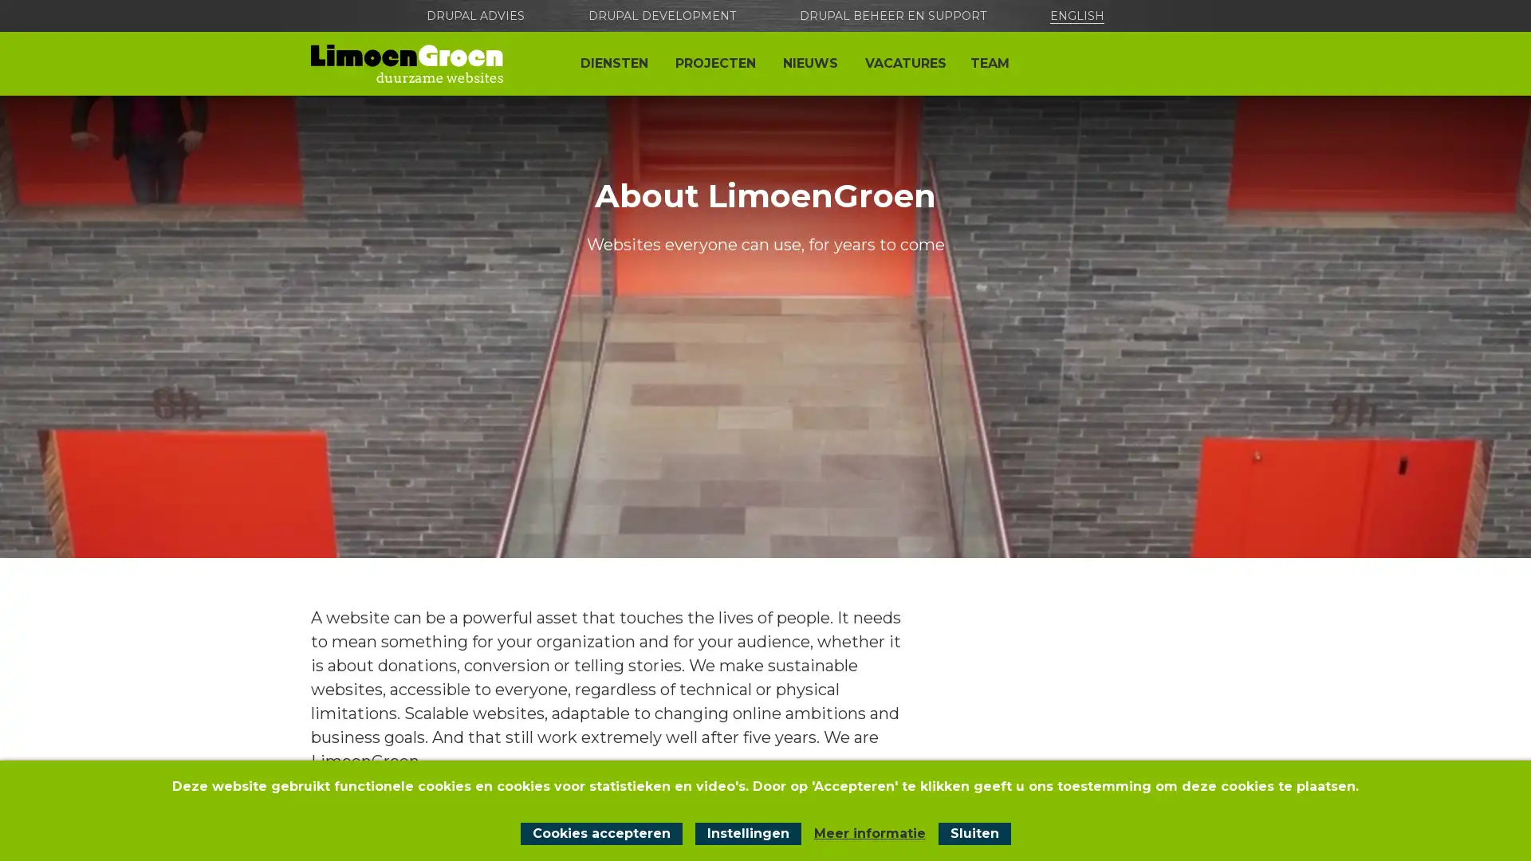 The width and height of the screenshot is (1531, 861). What do you see at coordinates (600, 832) in the screenshot?
I see `Cookies accepteren` at bounding box center [600, 832].